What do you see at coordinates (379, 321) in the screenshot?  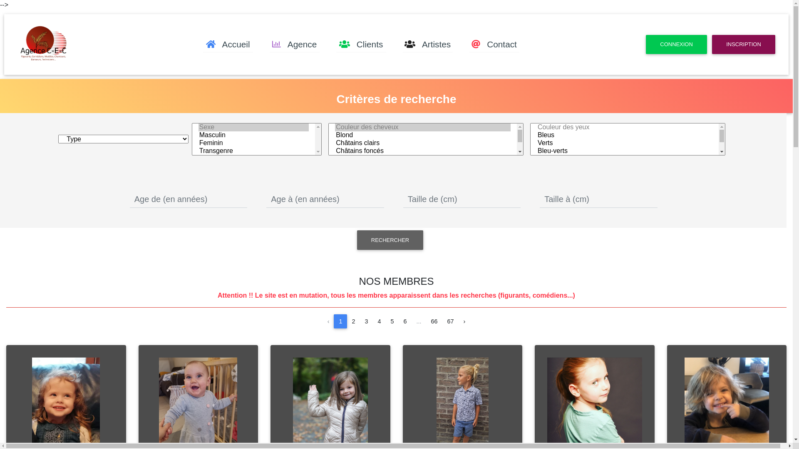 I see `'4'` at bounding box center [379, 321].